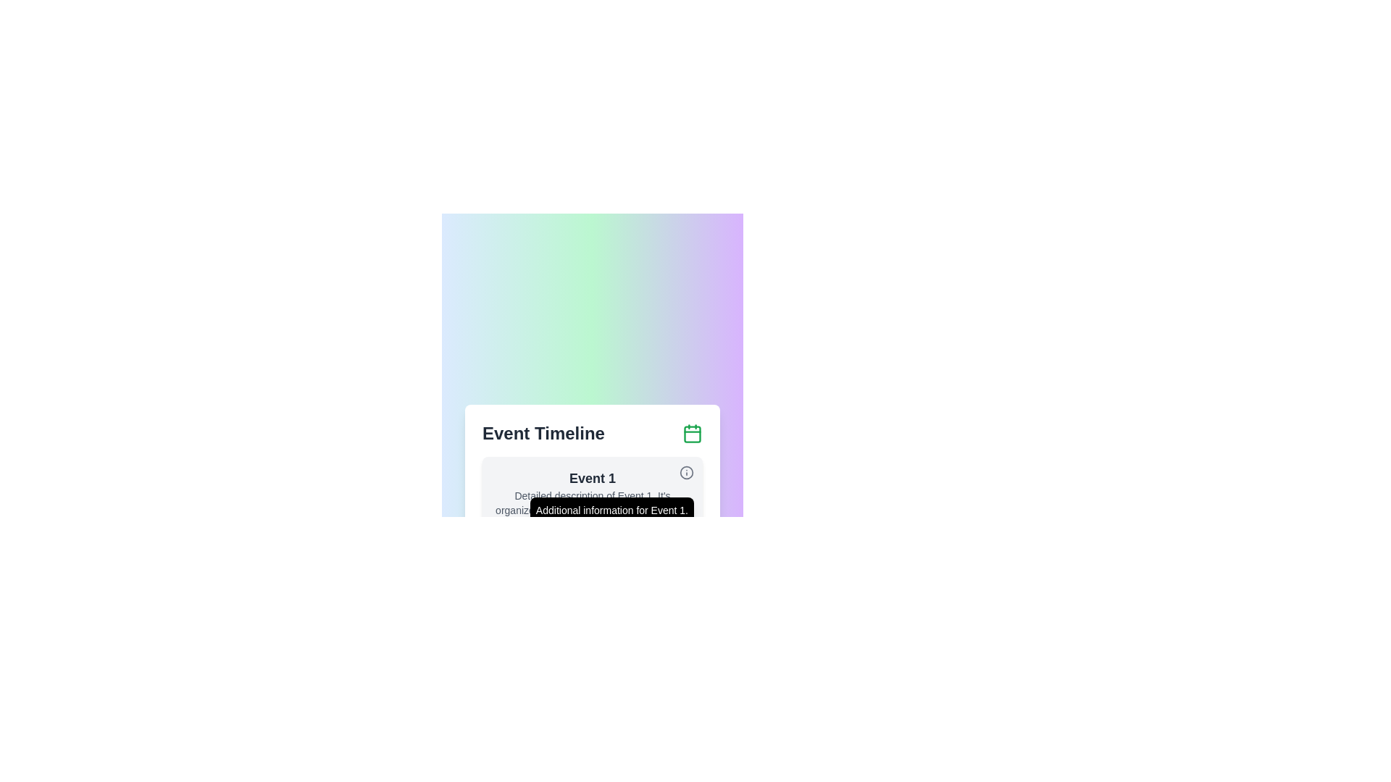 Image resolution: width=1391 pixels, height=782 pixels. Describe the element at coordinates (592, 432) in the screenshot. I see `the 'Event Timeline' header element that displays bold text and a calendar icon, located at the top of the event details section` at that location.